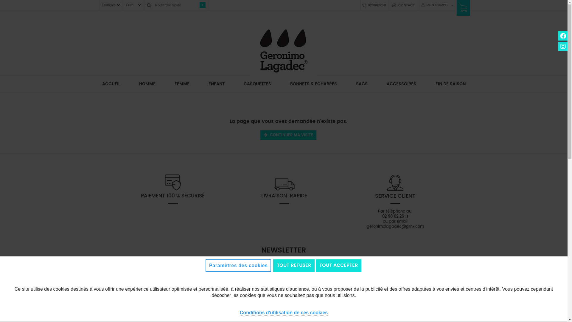 The width and height of the screenshot is (572, 322). What do you see at coordinates (216, 84) in the screenshot?
I see `'ENFANT'` at bounding box center [216, 84].